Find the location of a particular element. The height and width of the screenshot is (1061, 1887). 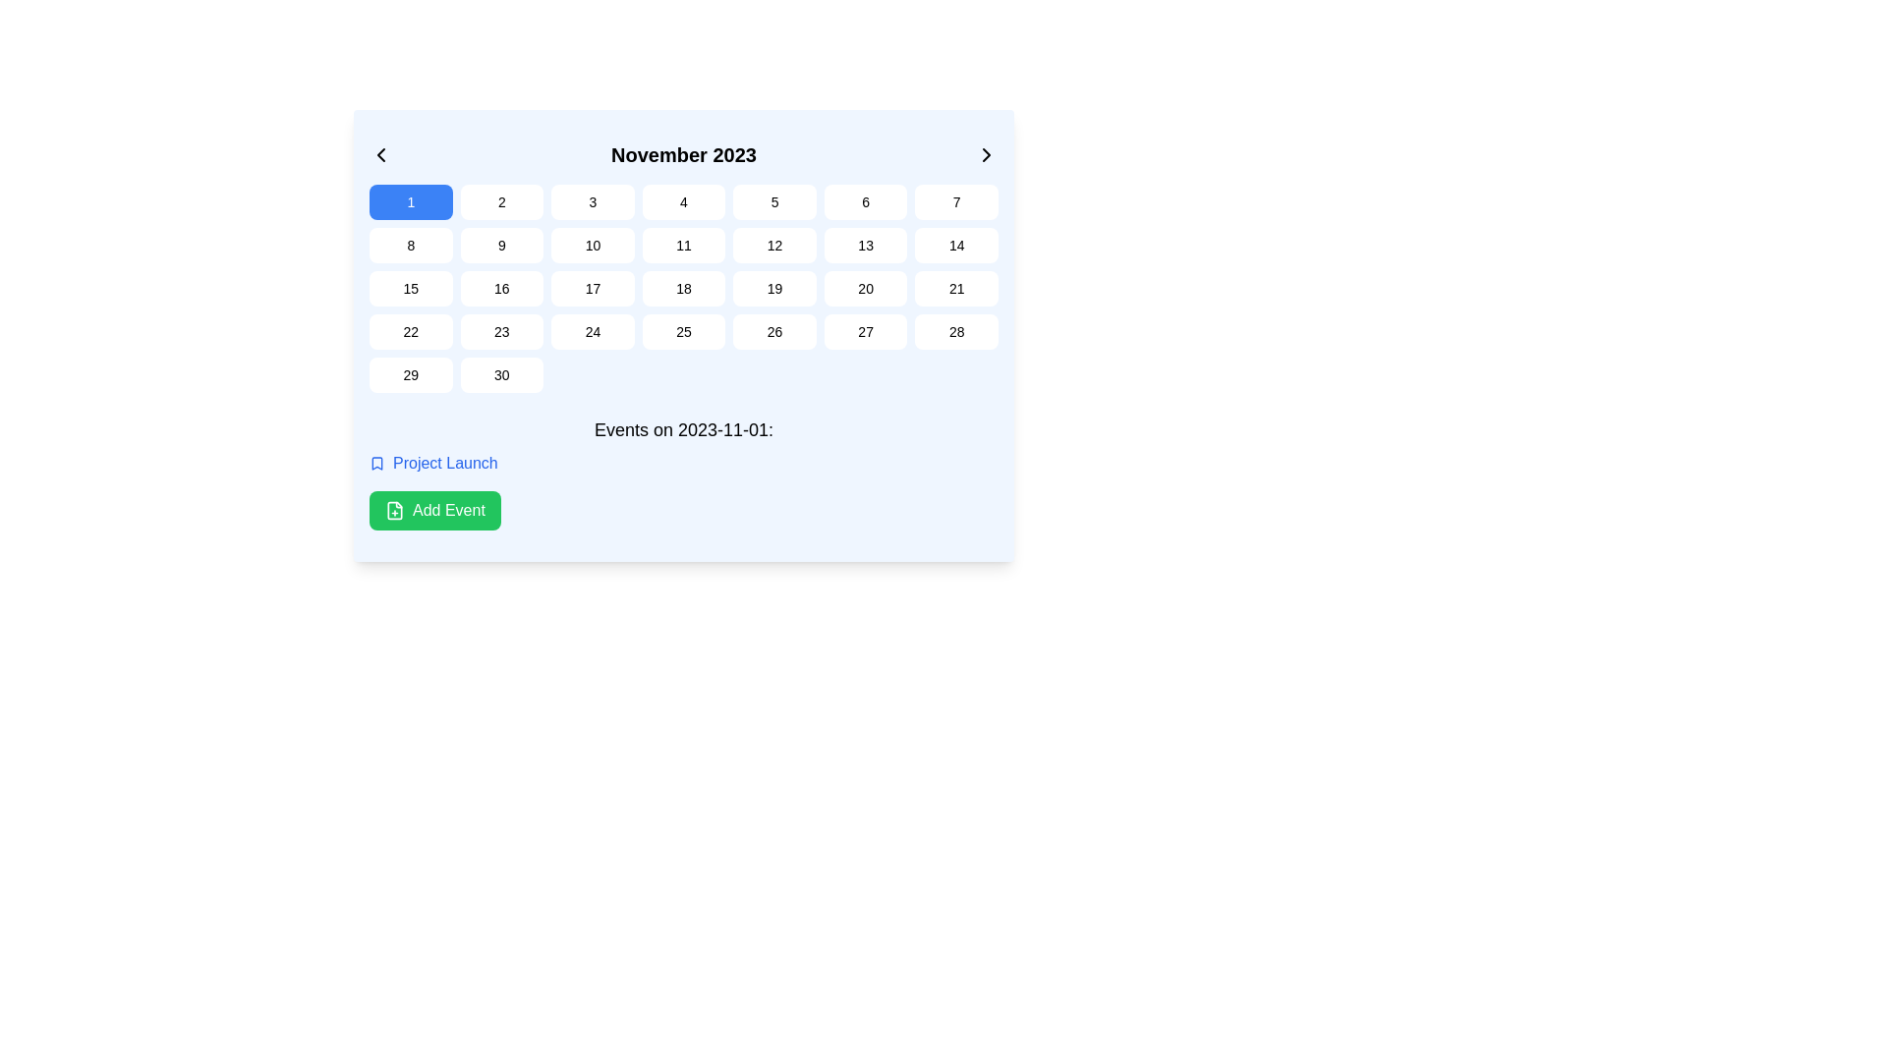

the Text Label that indicates the date for which events are listed, located directly beneath the calendar grid is located at coordinates (684, 429).